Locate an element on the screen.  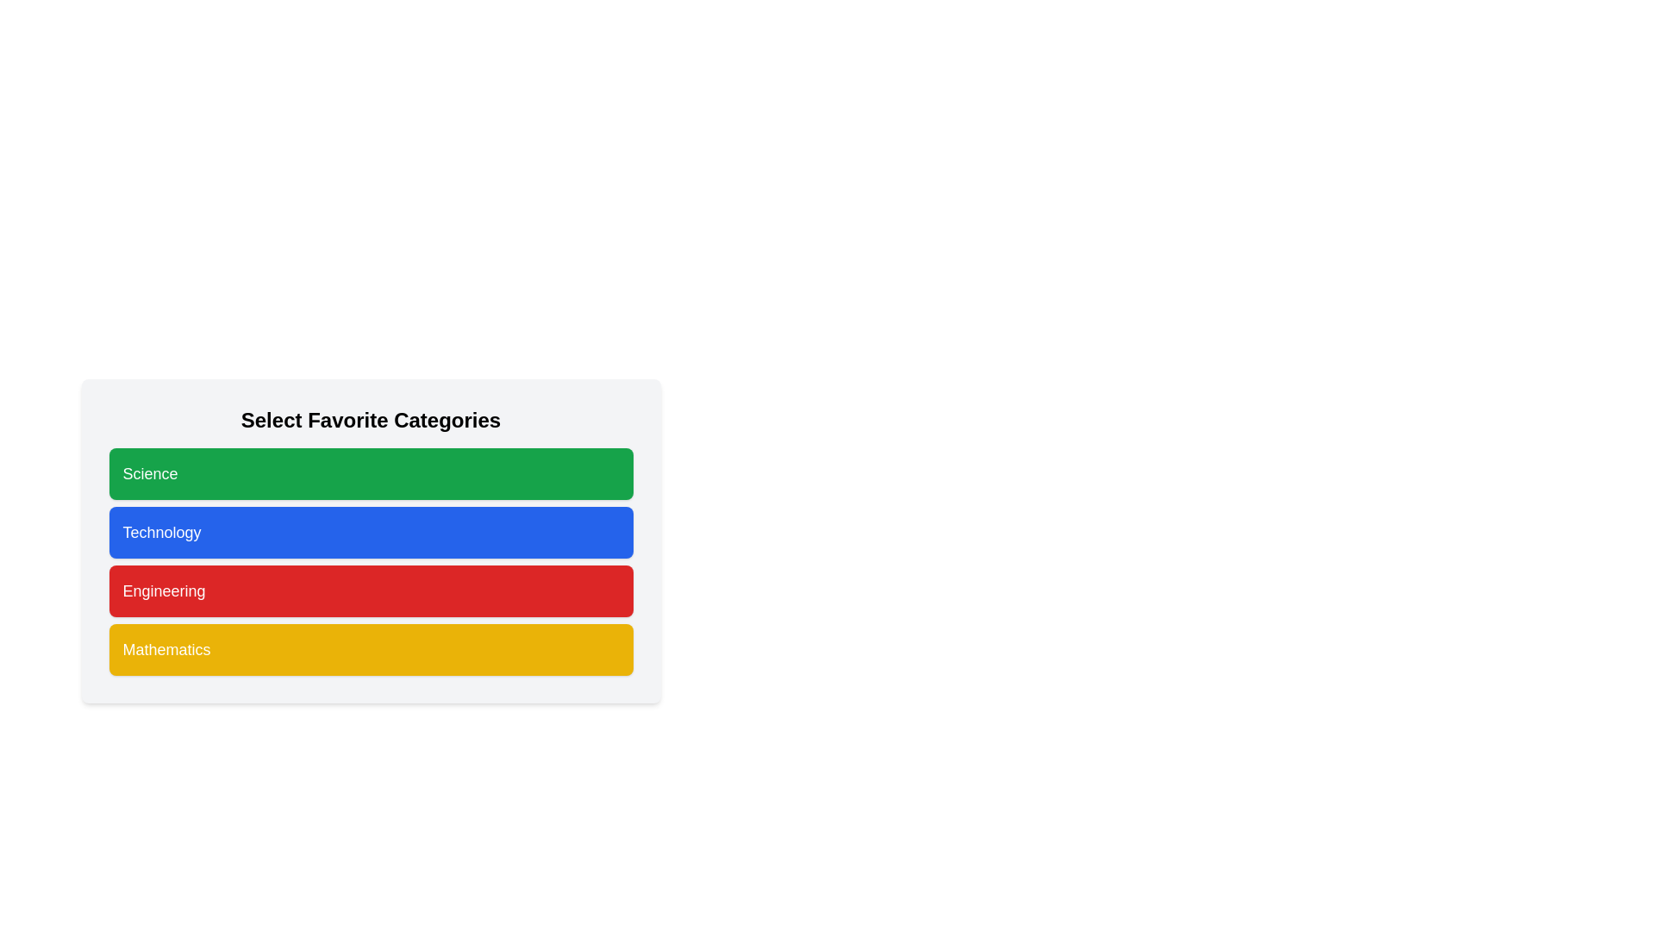
the green button labeled 'Science' is located at coordinates (370, 474).